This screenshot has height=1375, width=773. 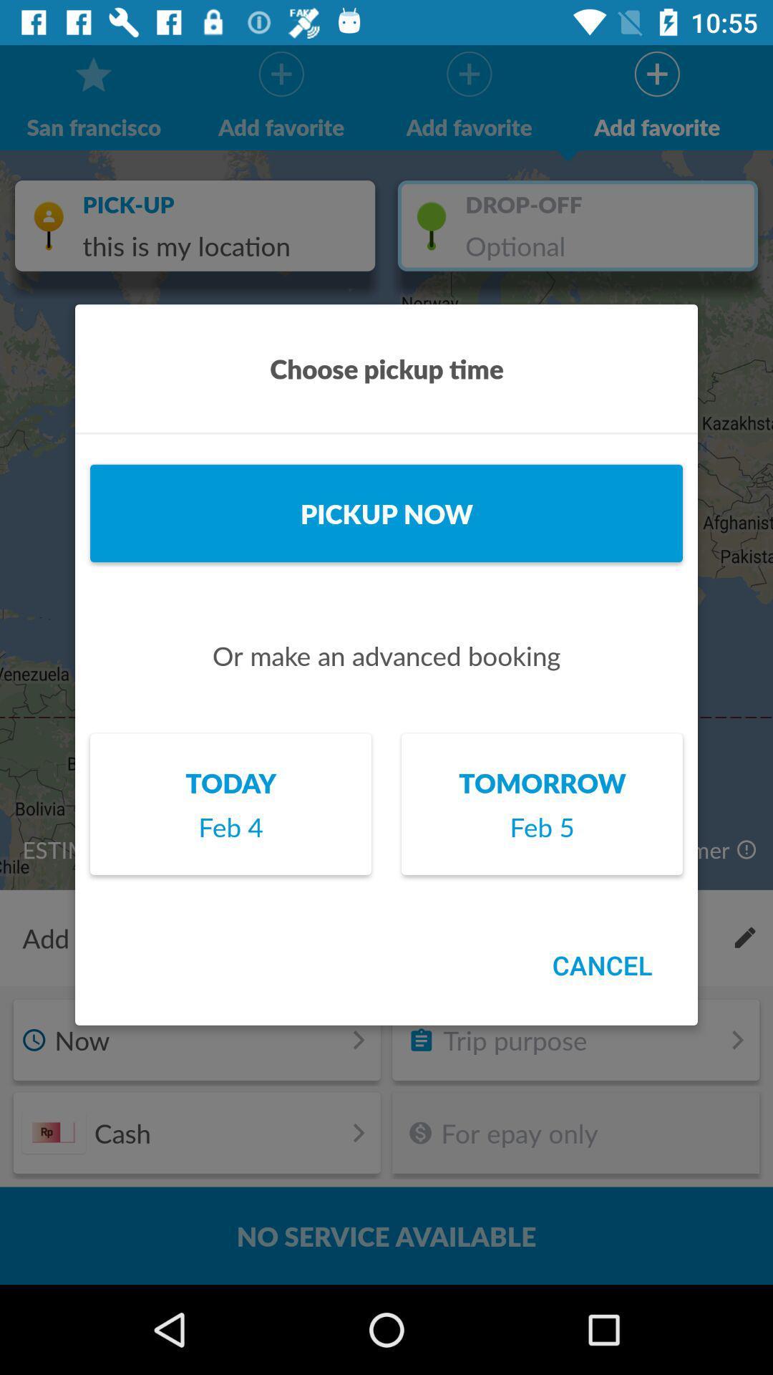 I want to click on the icon at the bottom right corner, so click(x=602, y=965).